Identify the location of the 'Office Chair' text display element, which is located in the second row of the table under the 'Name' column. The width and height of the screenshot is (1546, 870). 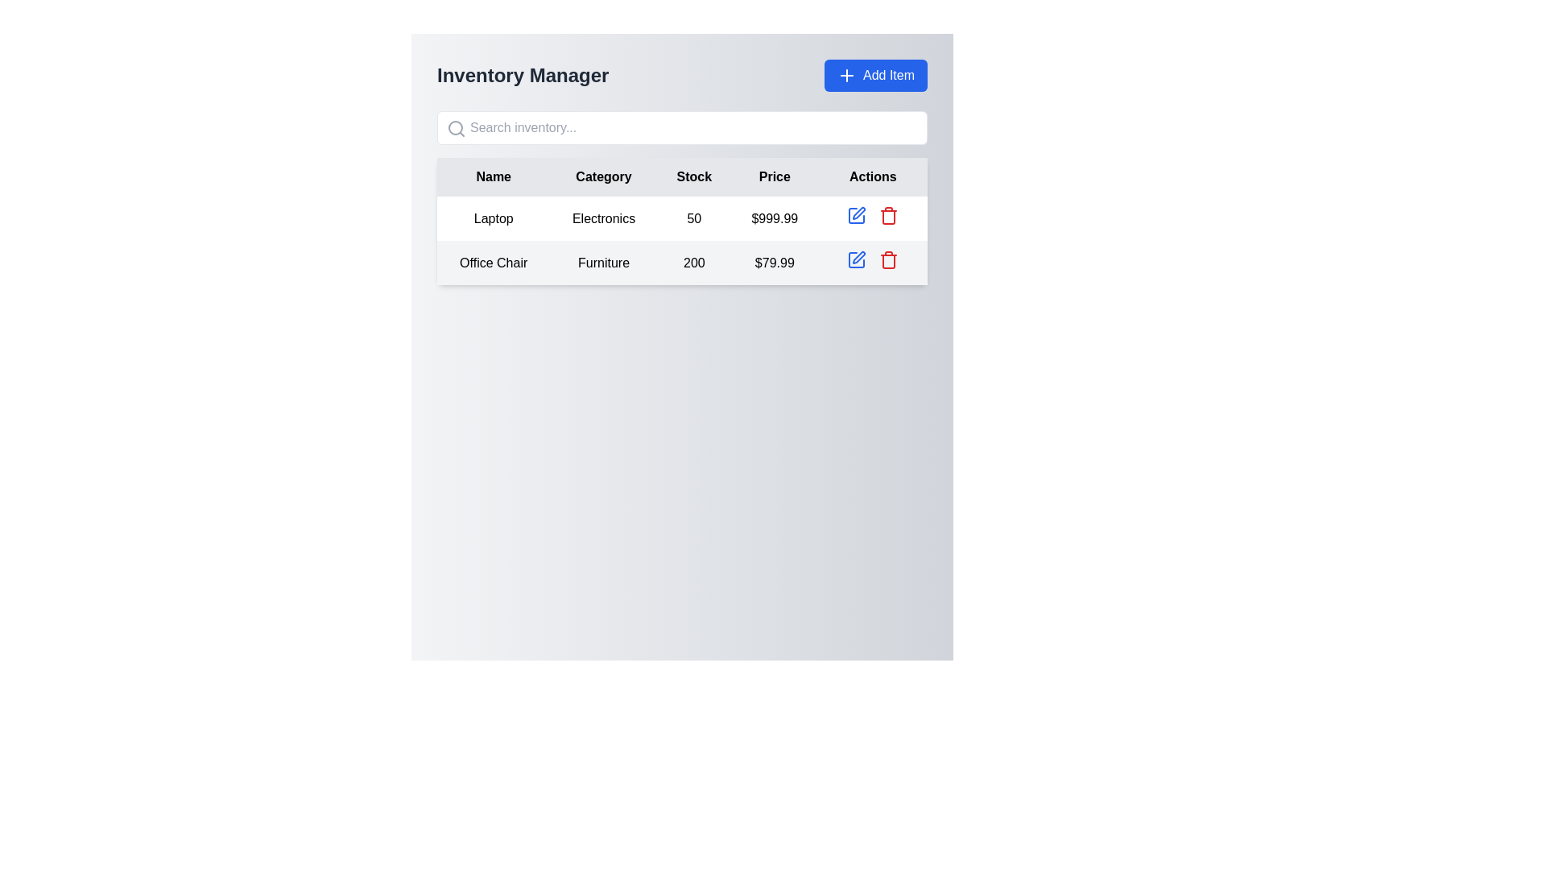
(493, 262).